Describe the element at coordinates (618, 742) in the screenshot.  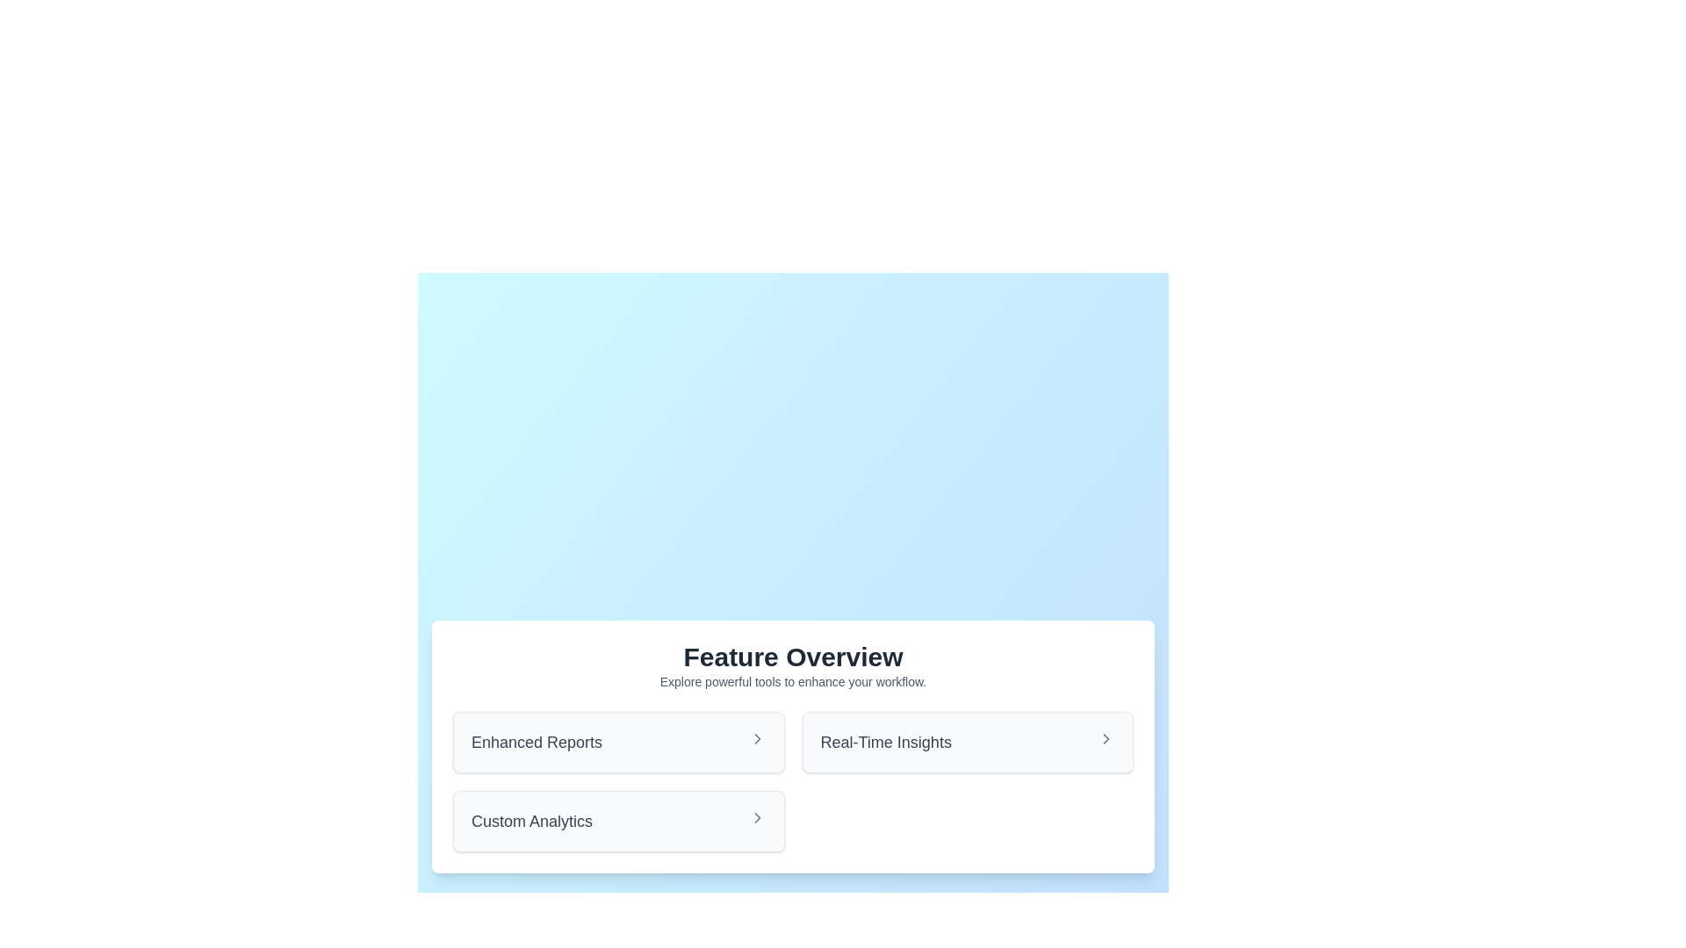
I see `the Navigation card in the top-left section of the grid` at that location.